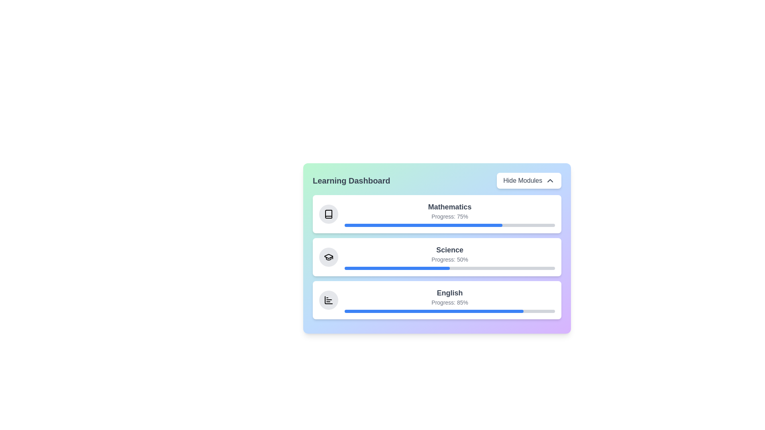 This screenshot has width=765, height=430. I want to click on the module titled English to open its details, so click(437, 300).